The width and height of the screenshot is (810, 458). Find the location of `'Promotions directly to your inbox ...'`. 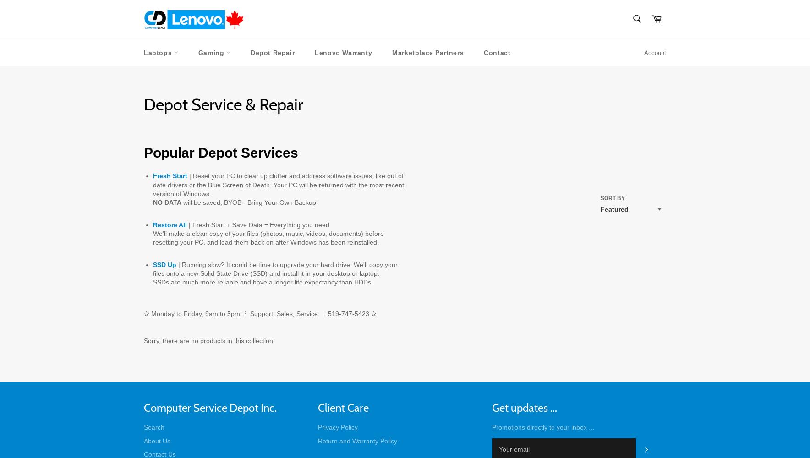

'Promotions directly to your inbox ...' is located at coordinates (543, 427).